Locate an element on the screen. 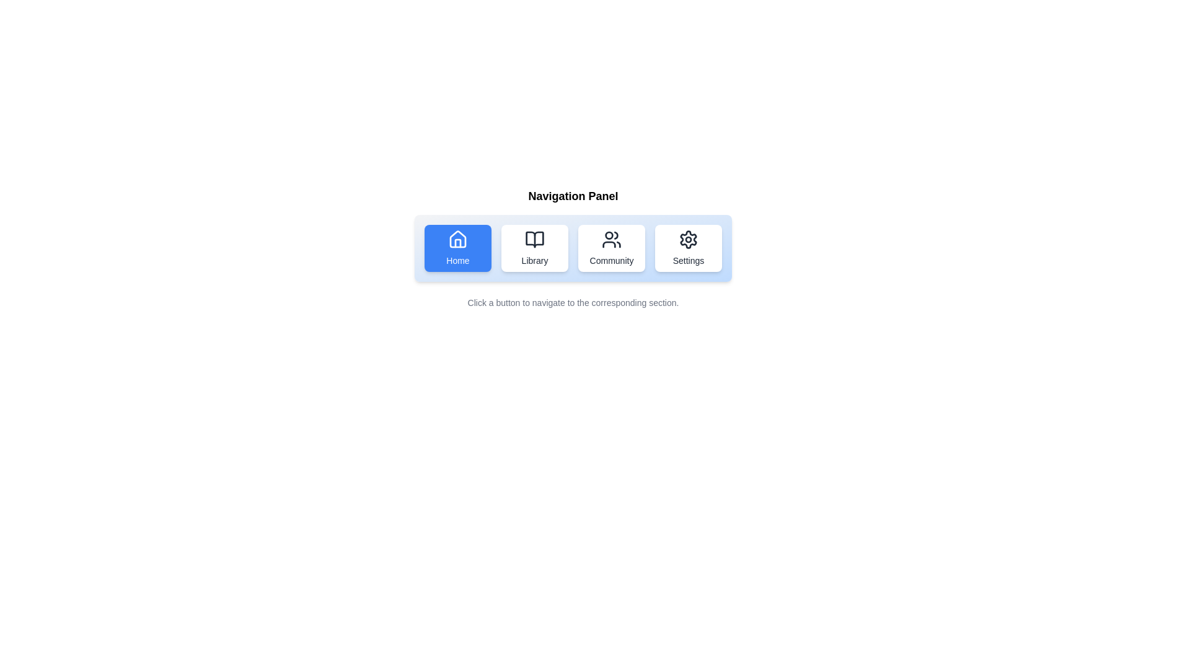 The width and height of the screenshot is (1190, 669). the icon resembling an open book, which is part of the second button labeled 'Library' in the navigation panel is located at coordinates (535, 239).